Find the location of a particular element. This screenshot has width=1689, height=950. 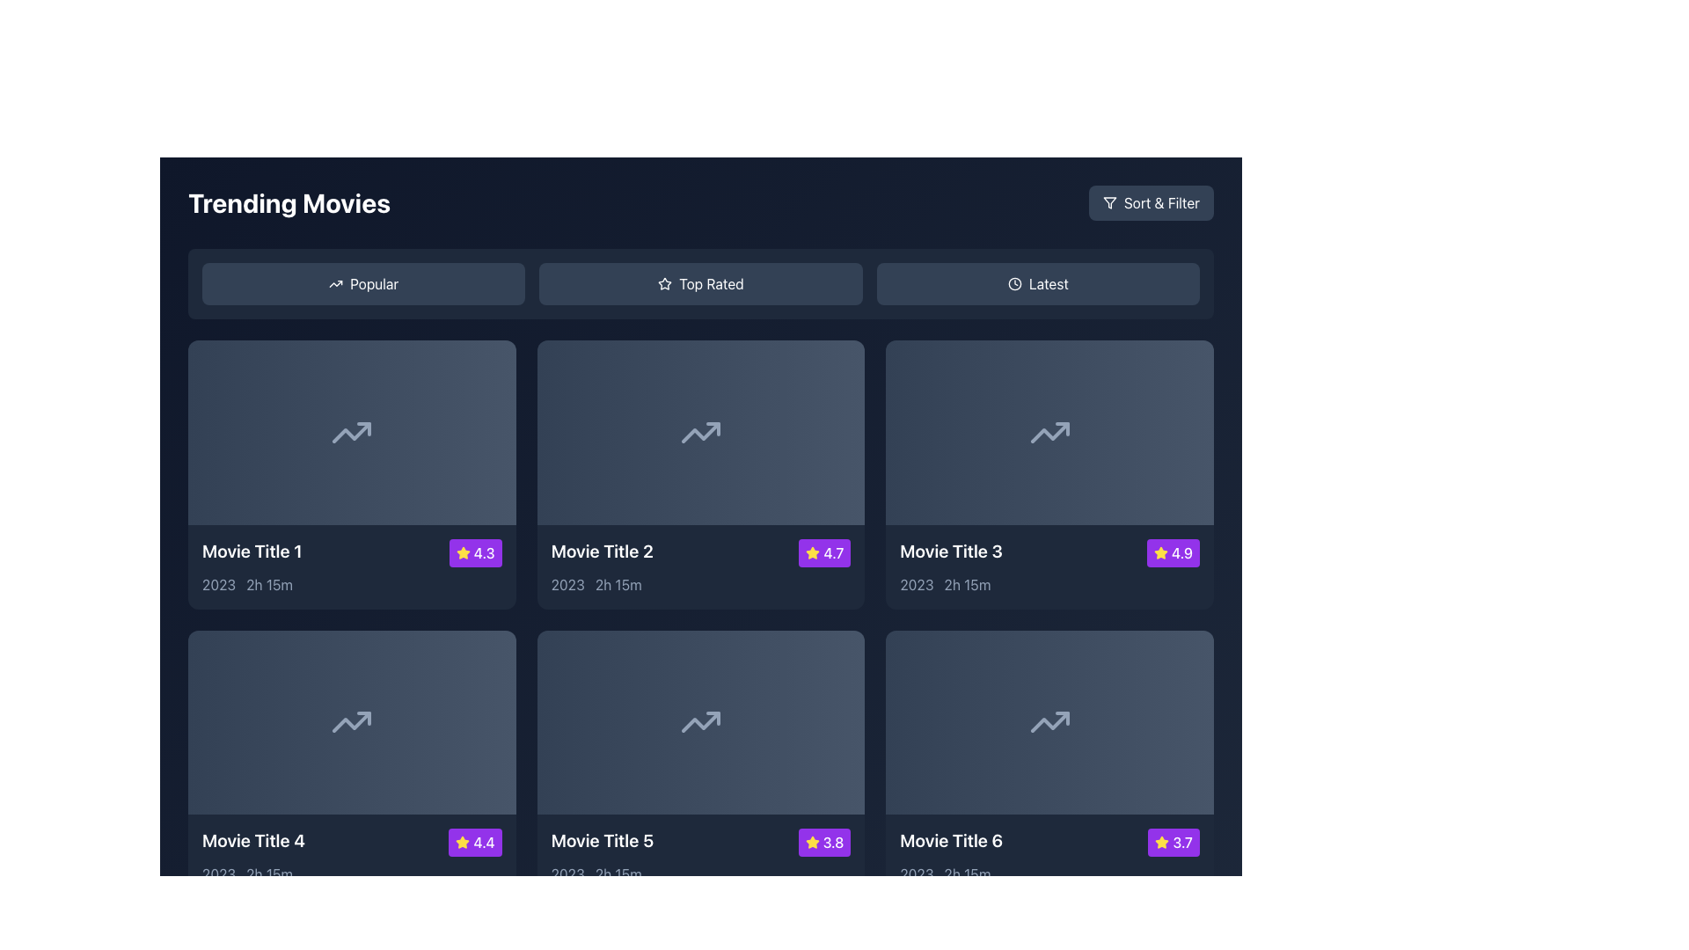

the line chart icon with an upward arrow, styled in gray, located on the movie card labeled 'Movie Title 5' is located at coordinates (699, 722).